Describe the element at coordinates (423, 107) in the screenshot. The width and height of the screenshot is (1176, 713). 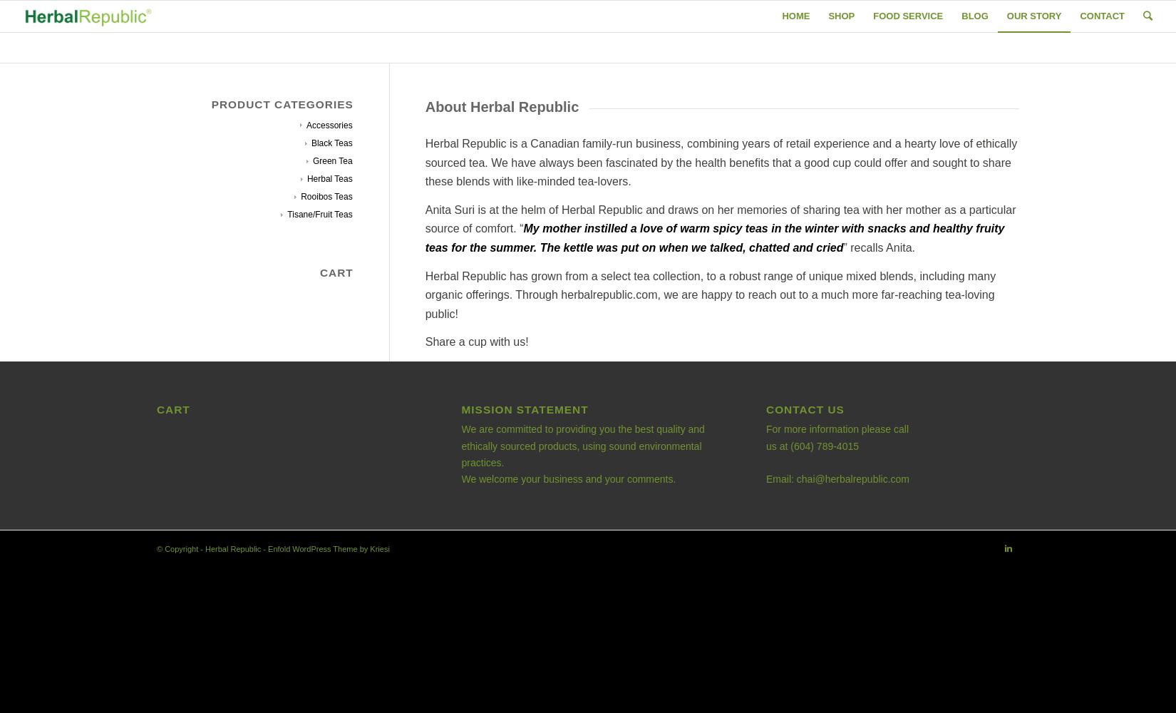
I see `'About Herbal Republic'` at that location.